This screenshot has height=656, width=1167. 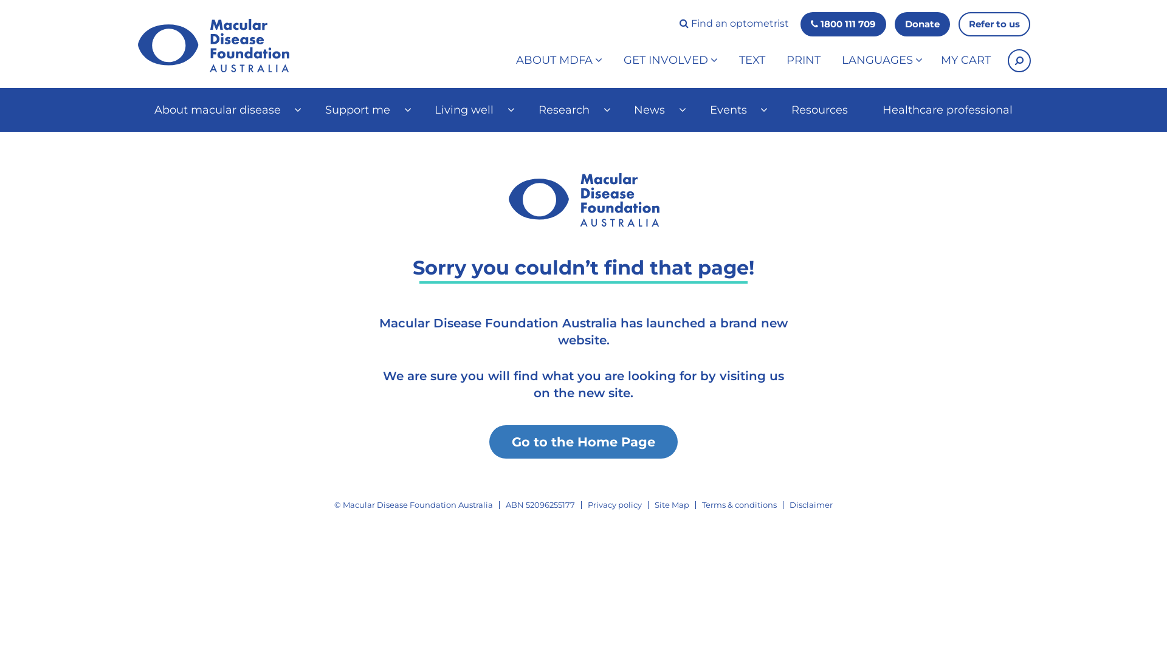 What do you see at coordinates (738, 504) in the screenshot?
I see `'Terms & conditions'` at bounding box center [738, 504].